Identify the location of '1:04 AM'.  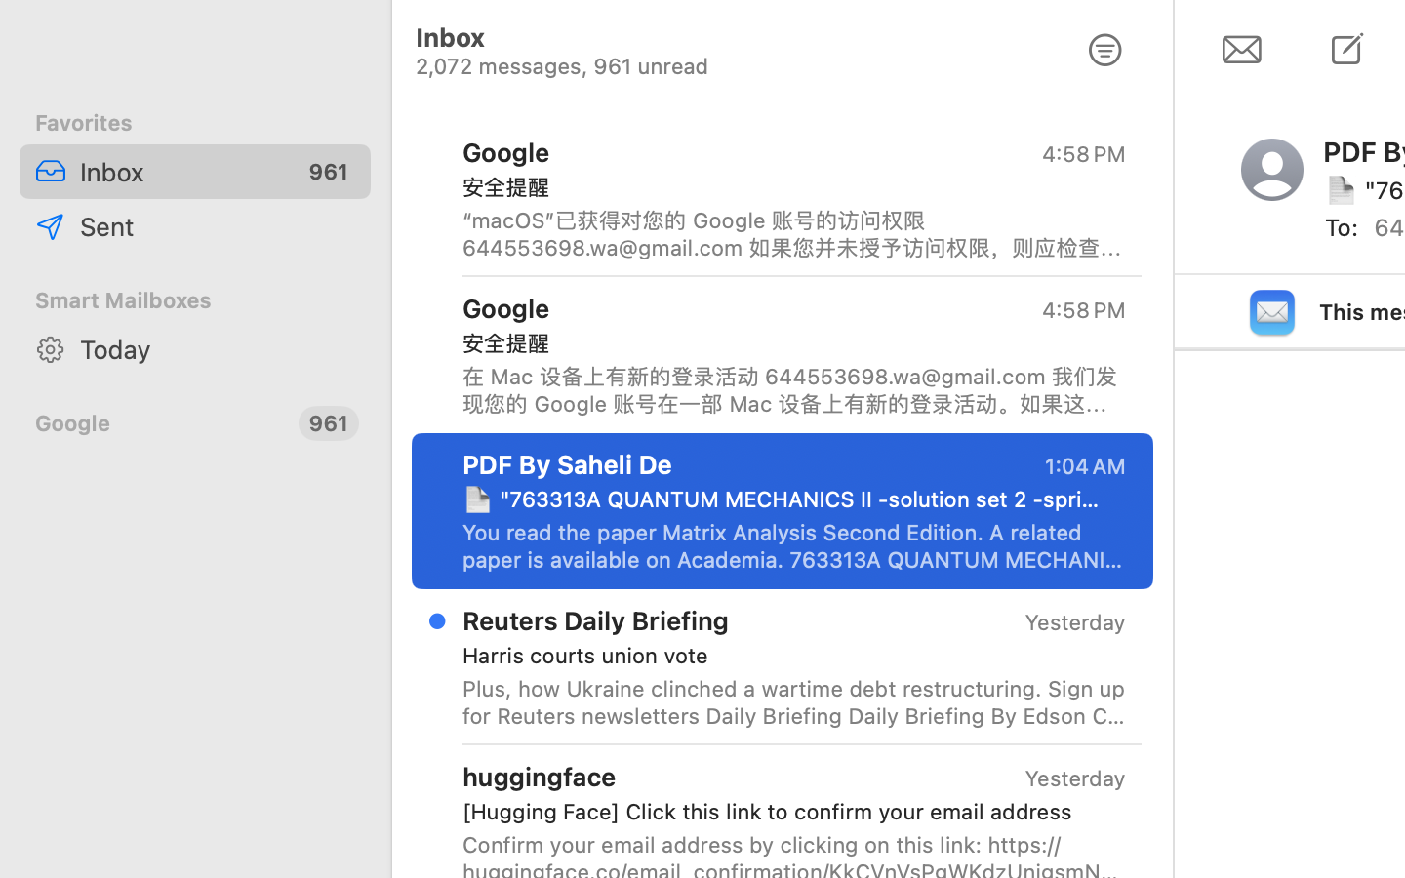
(1082, 464).